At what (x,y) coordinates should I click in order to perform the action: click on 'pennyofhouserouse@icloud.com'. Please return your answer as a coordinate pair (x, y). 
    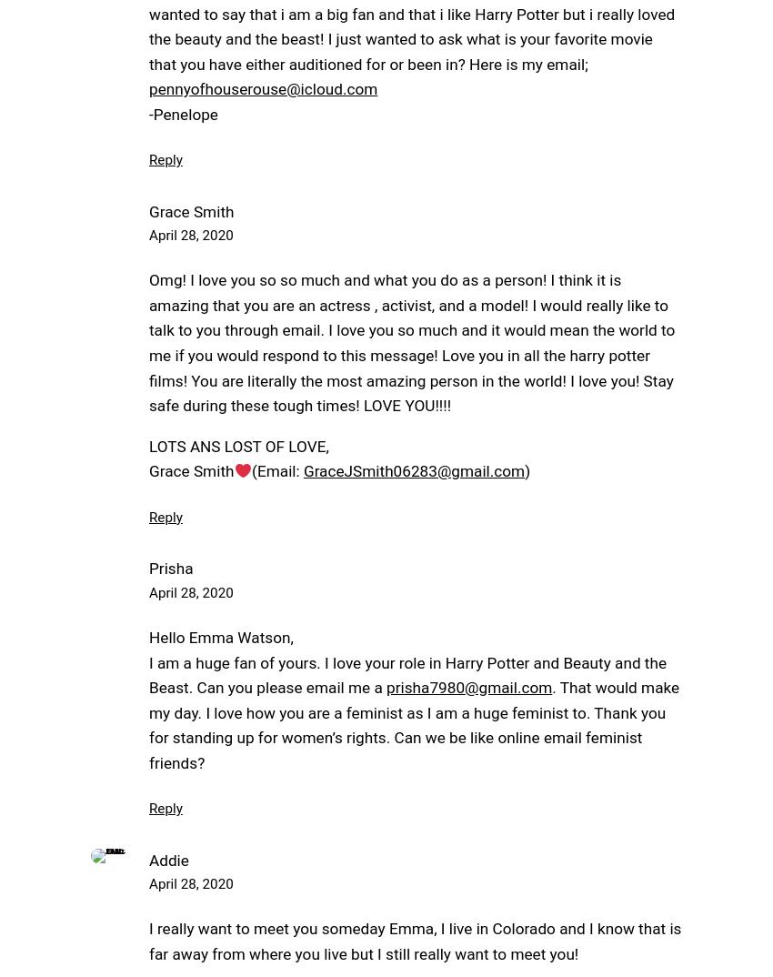
    Looking at the image, I should click on (262, 88).